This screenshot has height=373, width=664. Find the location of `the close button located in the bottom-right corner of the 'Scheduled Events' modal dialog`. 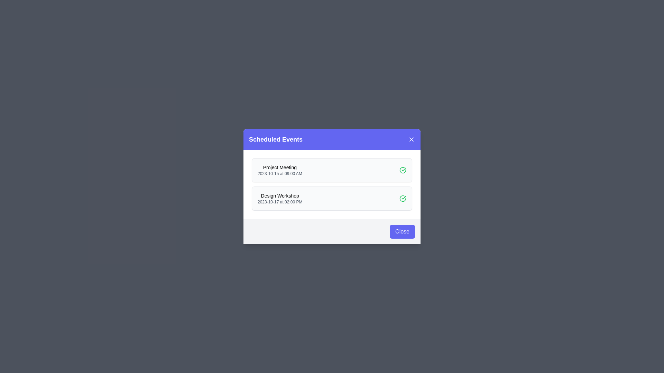

the close button located in the bottom-right corner of the 'Scheduled Events' modal dialog is located at coordinates (332, 231).